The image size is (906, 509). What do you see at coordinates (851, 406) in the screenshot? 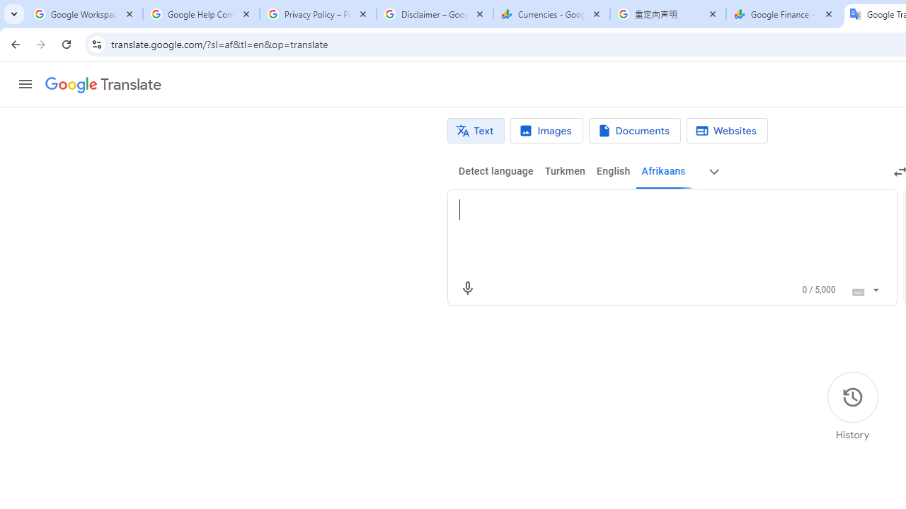
I see `'History'` at bounding box center [851, 406].